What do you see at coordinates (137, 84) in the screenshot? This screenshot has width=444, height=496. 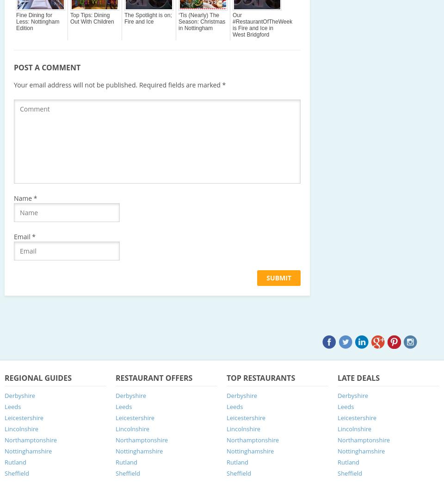 I see `'Required fields are marked'` at bounding box center [137, 84].